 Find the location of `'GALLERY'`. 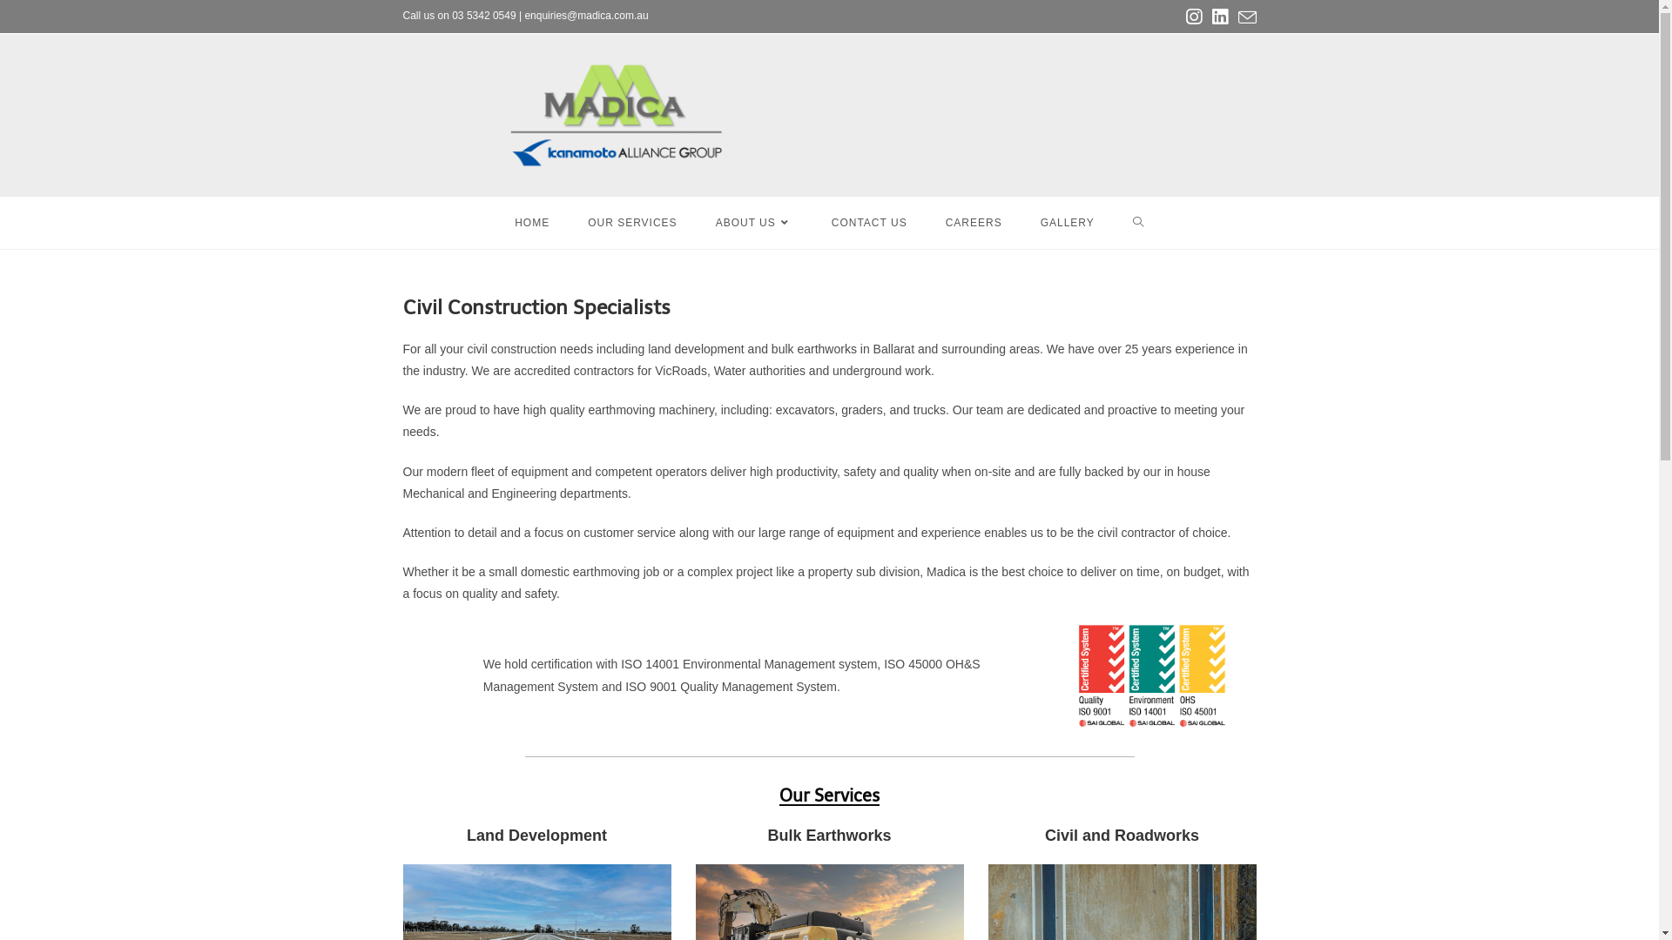

'GALLERY' is located at coordinates (1066, 221).